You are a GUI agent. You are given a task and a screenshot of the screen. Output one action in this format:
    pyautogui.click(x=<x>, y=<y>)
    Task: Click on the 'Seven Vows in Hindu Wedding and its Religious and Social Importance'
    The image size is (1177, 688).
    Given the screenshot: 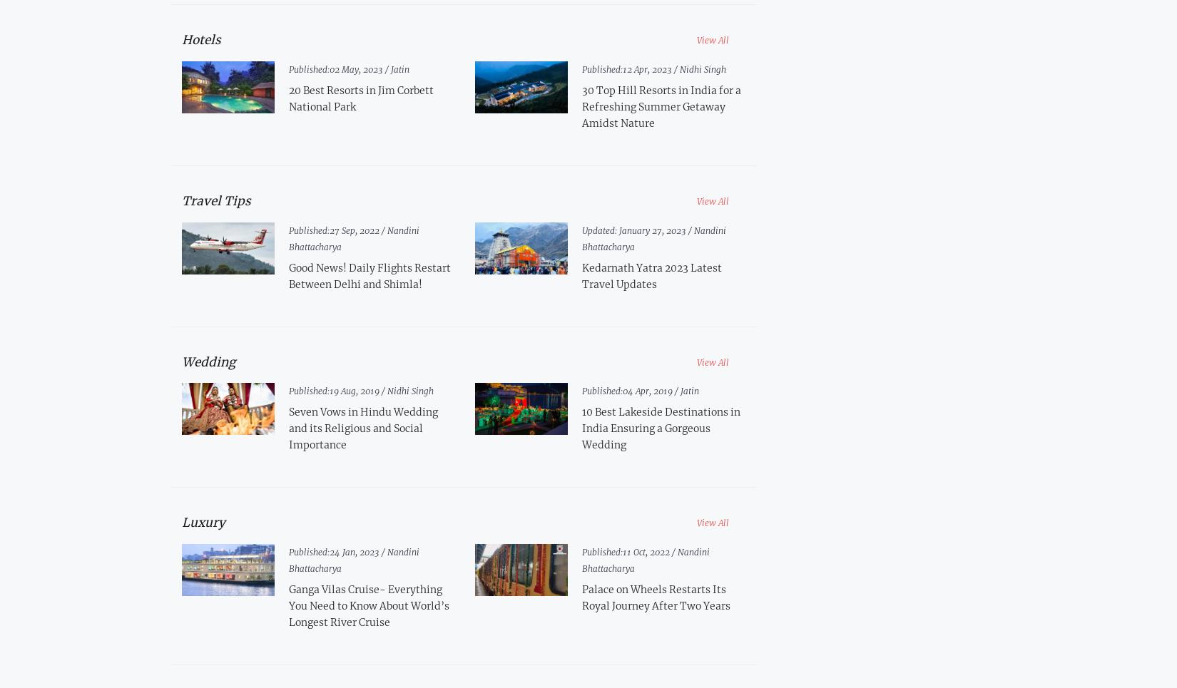 What is the action you would take?
    pyautogui.click(x=287, y=428)
    